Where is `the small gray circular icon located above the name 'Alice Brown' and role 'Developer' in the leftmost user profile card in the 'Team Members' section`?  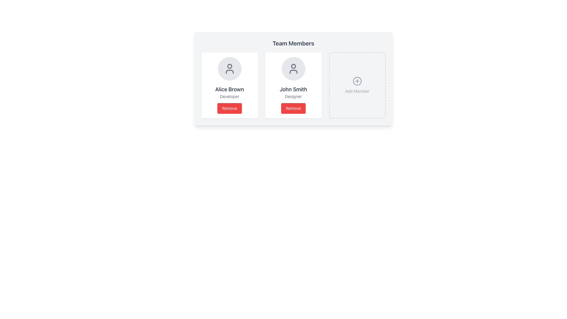 the small gray circular icon located above the name 'Alice Brown' and role 'Developer' in the leftmost user profile card in the 'Team Members' section is located at coordinates (229, 66).